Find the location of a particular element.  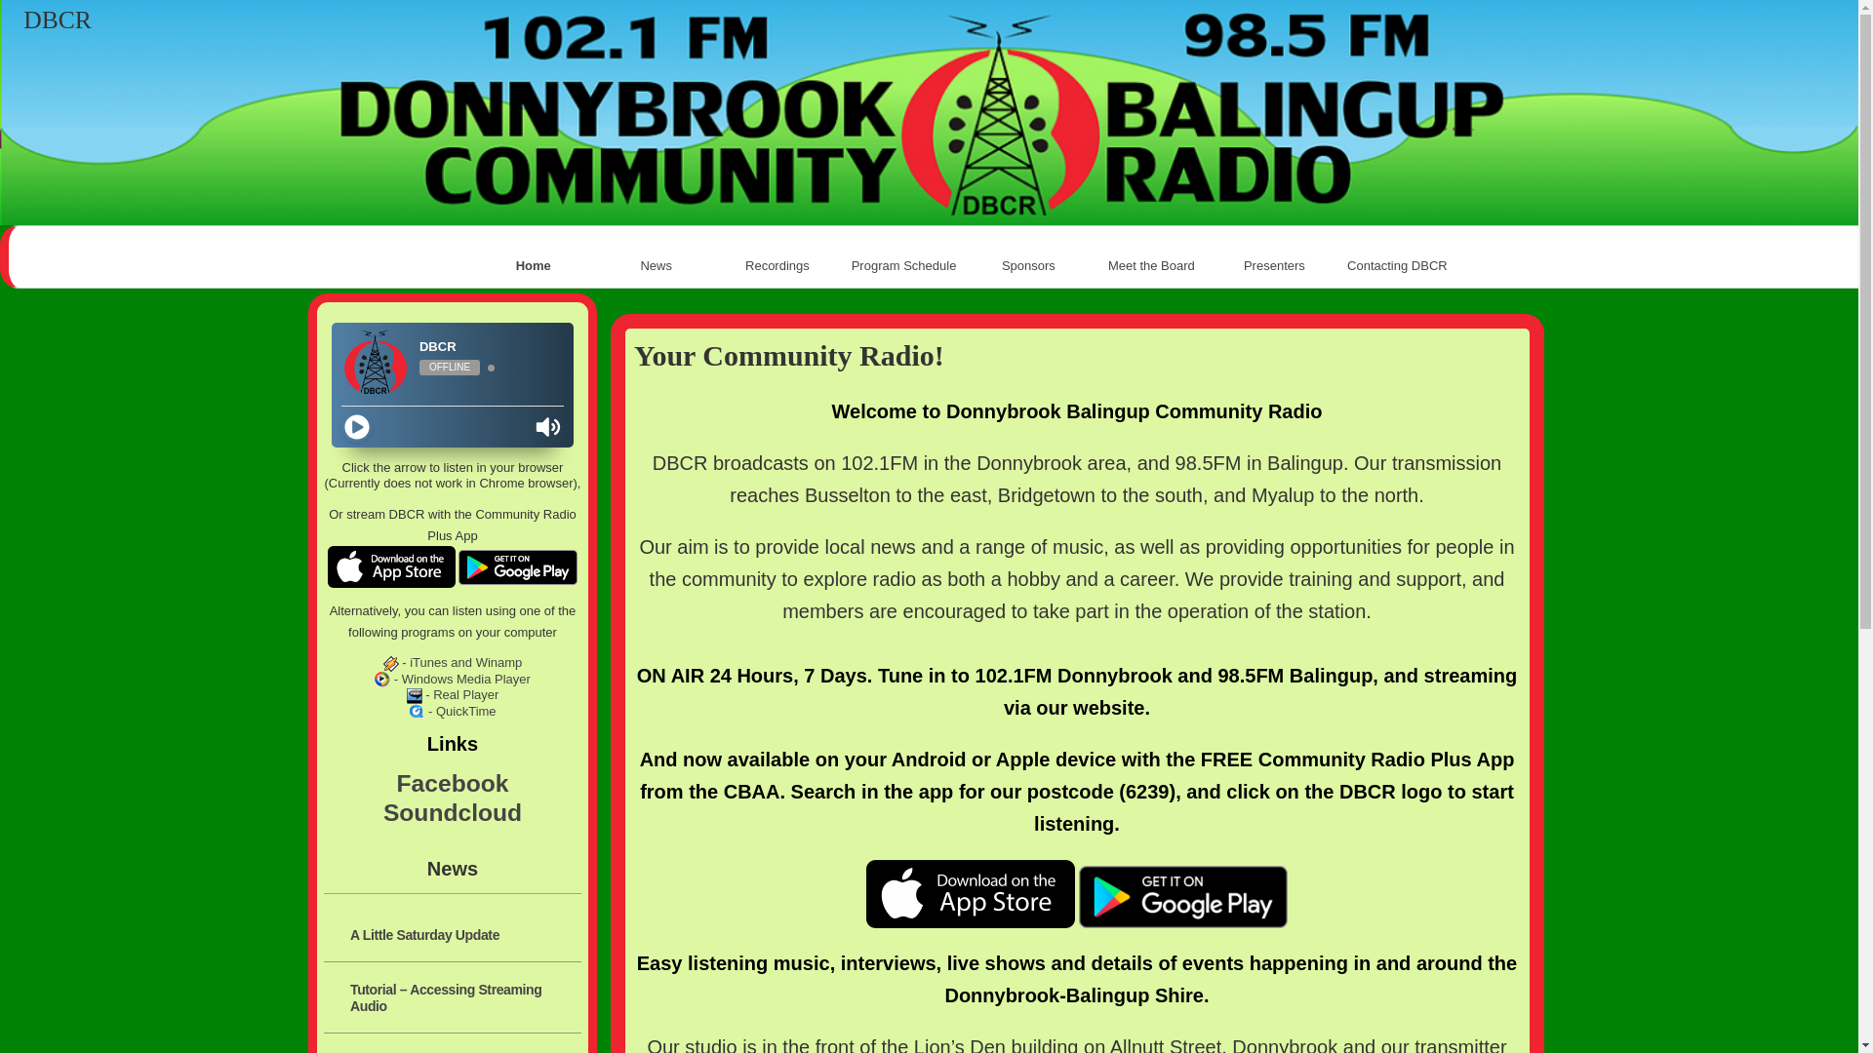

'Facebook' is located at coordinates (452, 782).